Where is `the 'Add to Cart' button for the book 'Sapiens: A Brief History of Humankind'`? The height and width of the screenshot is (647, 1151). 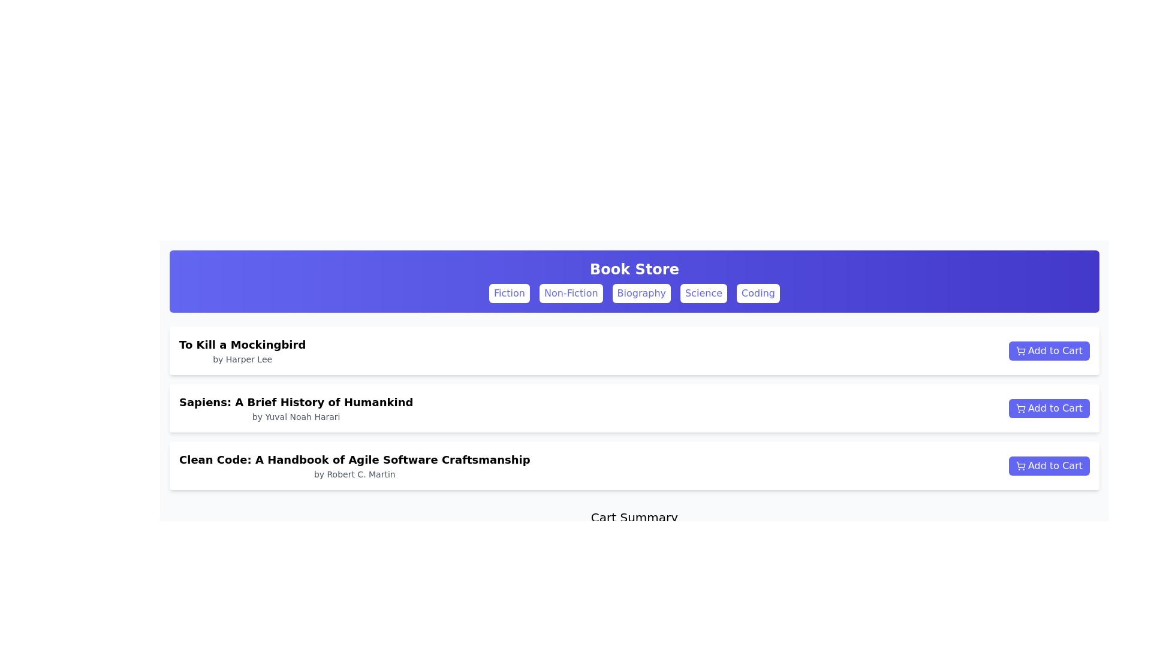
the 'Add to Cart' button for the book 'Sapiens: A Brief History of Humankind' is located at coordinates (1048, 408).